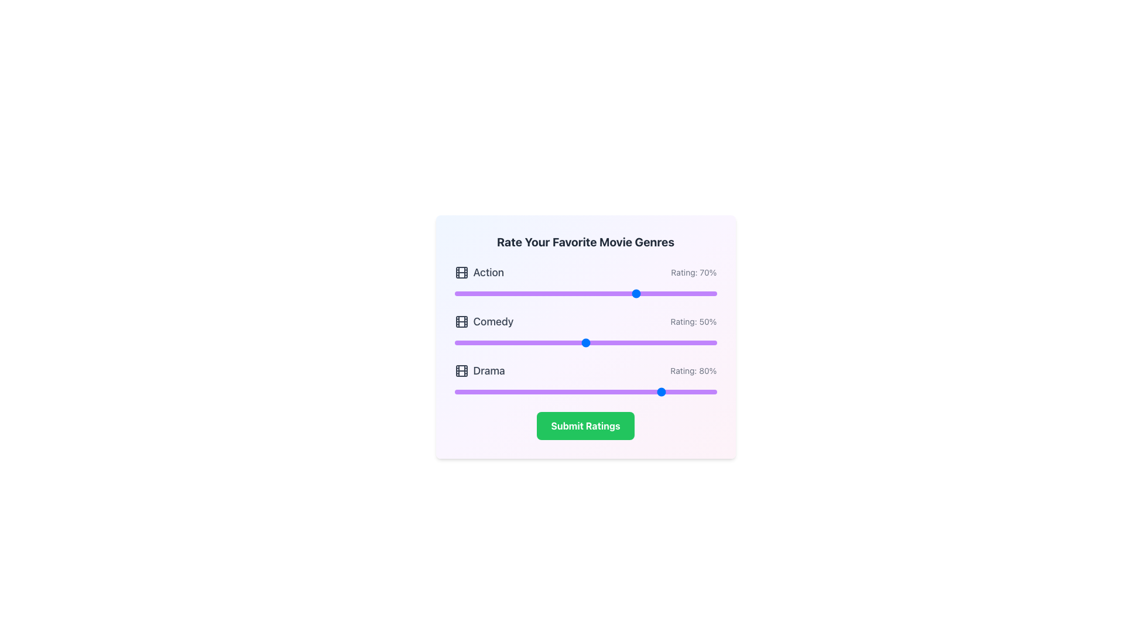  Describe the element at coordinates (461, 322) in the screenshot. I see `the 'Comedy' genre icon, which is located to the left of the text 'Comedy' in the middle row of movie genres` at that location.